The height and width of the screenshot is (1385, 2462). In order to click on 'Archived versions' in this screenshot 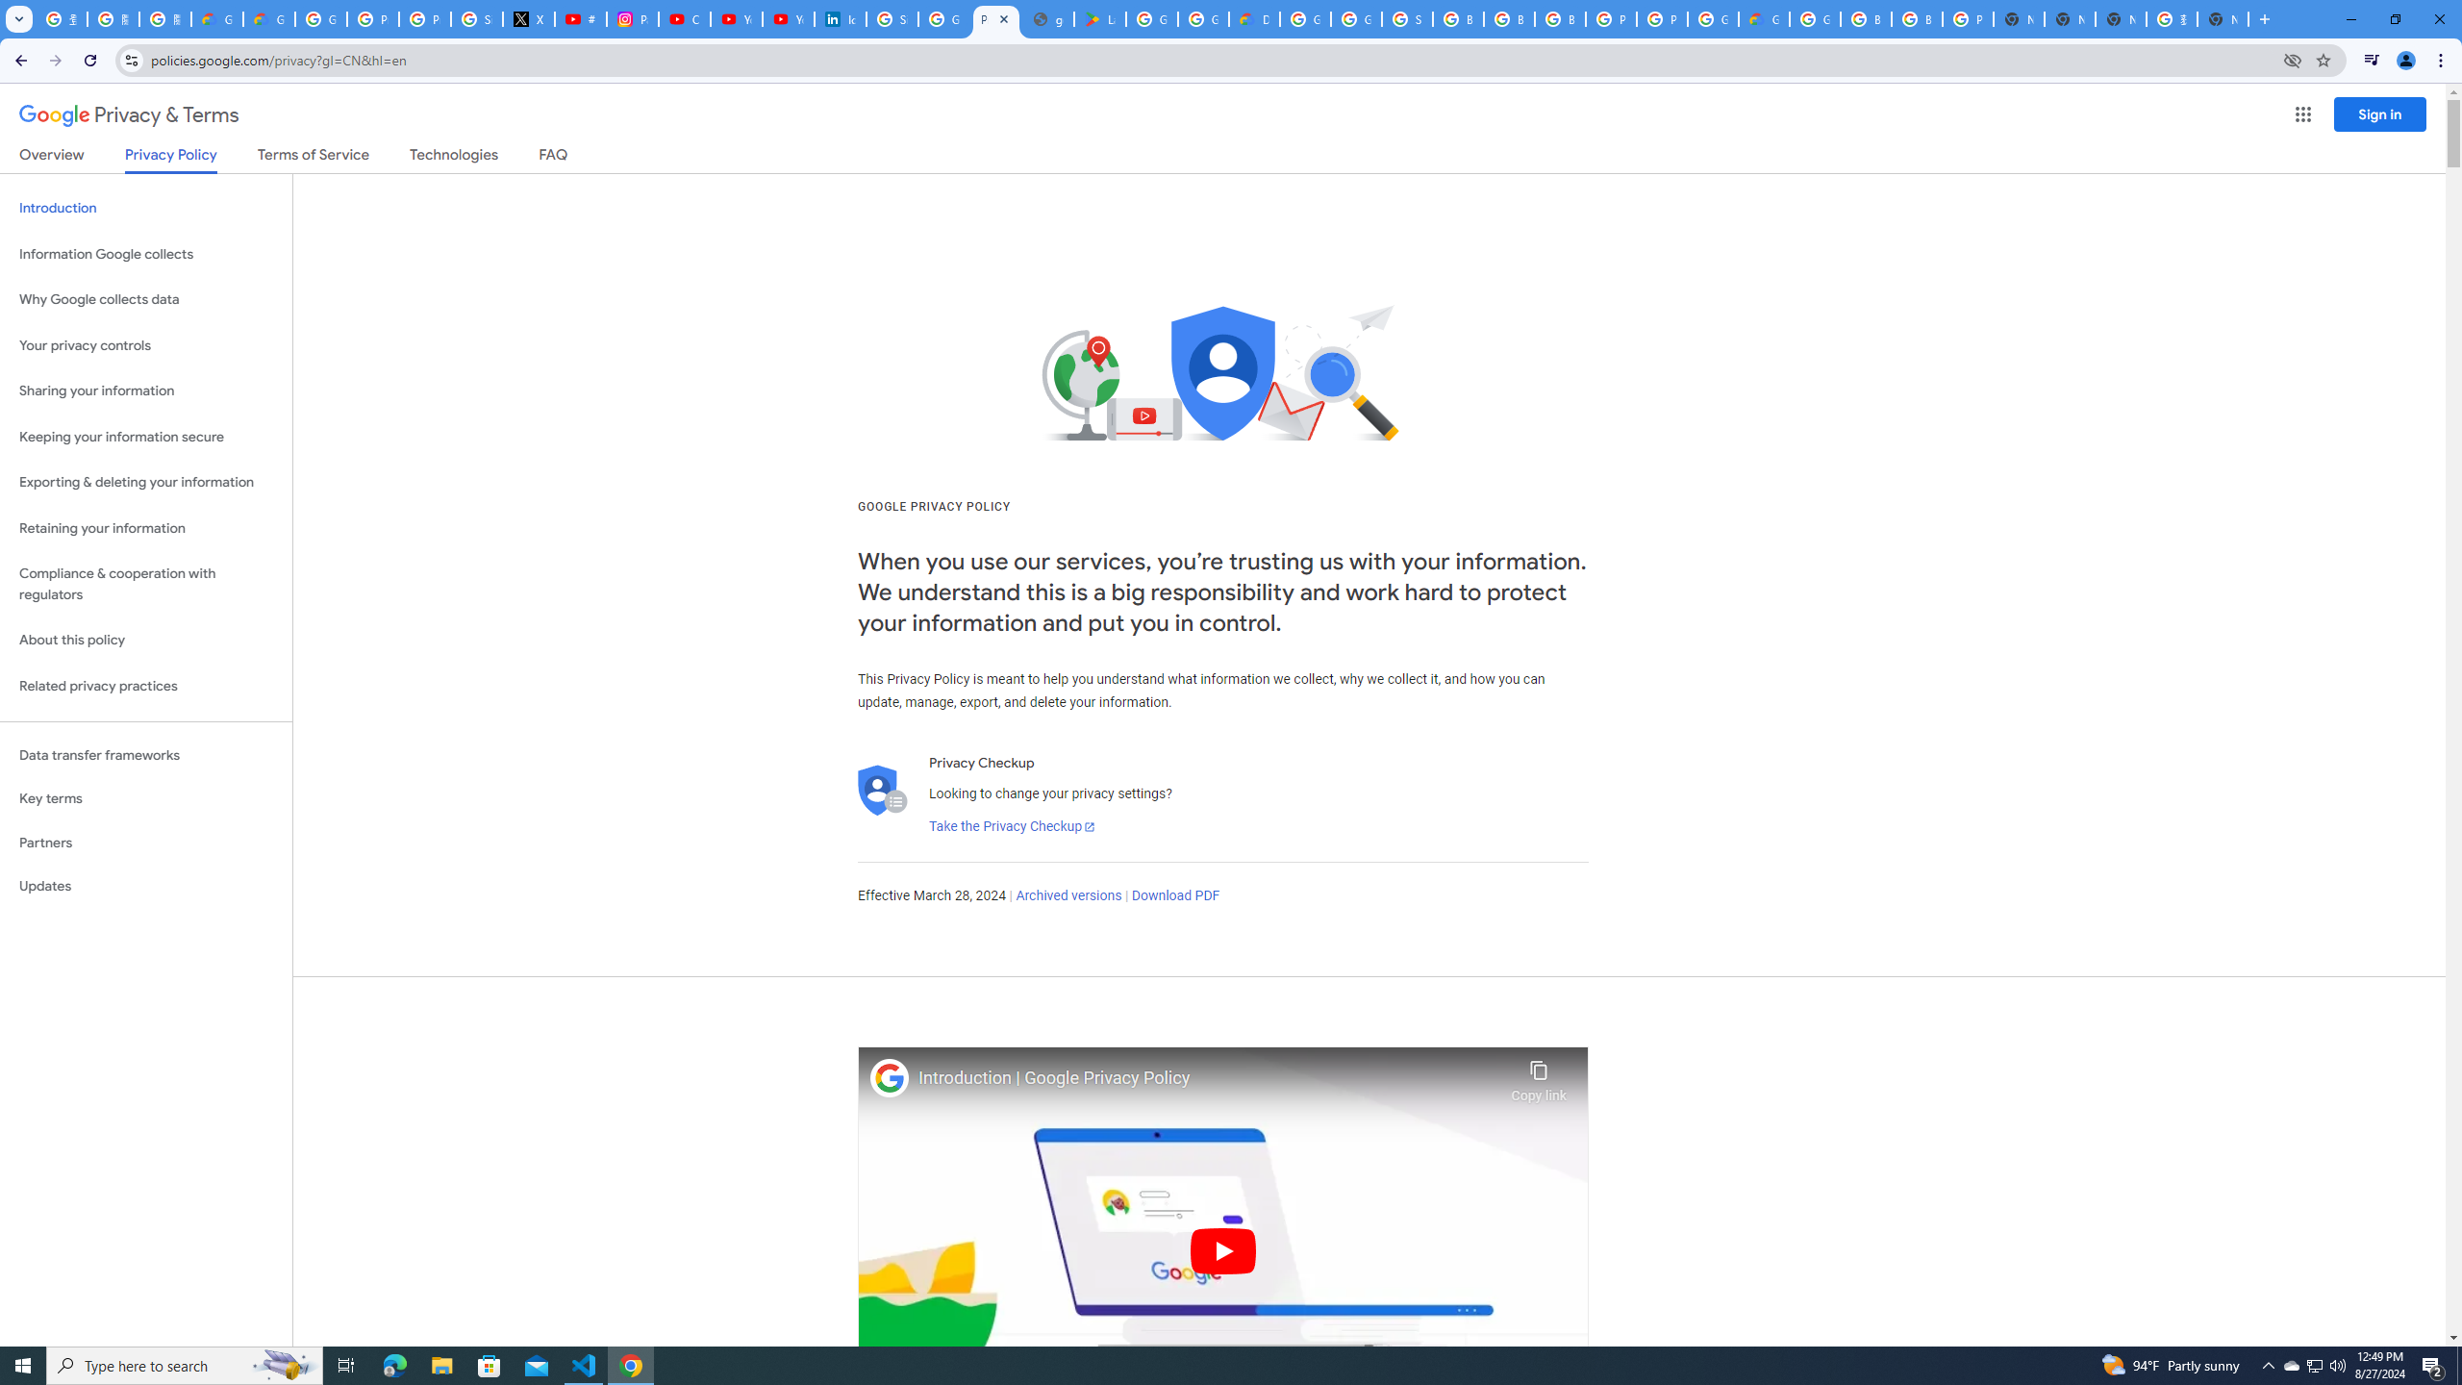, I will do `click(1068, 894)`.